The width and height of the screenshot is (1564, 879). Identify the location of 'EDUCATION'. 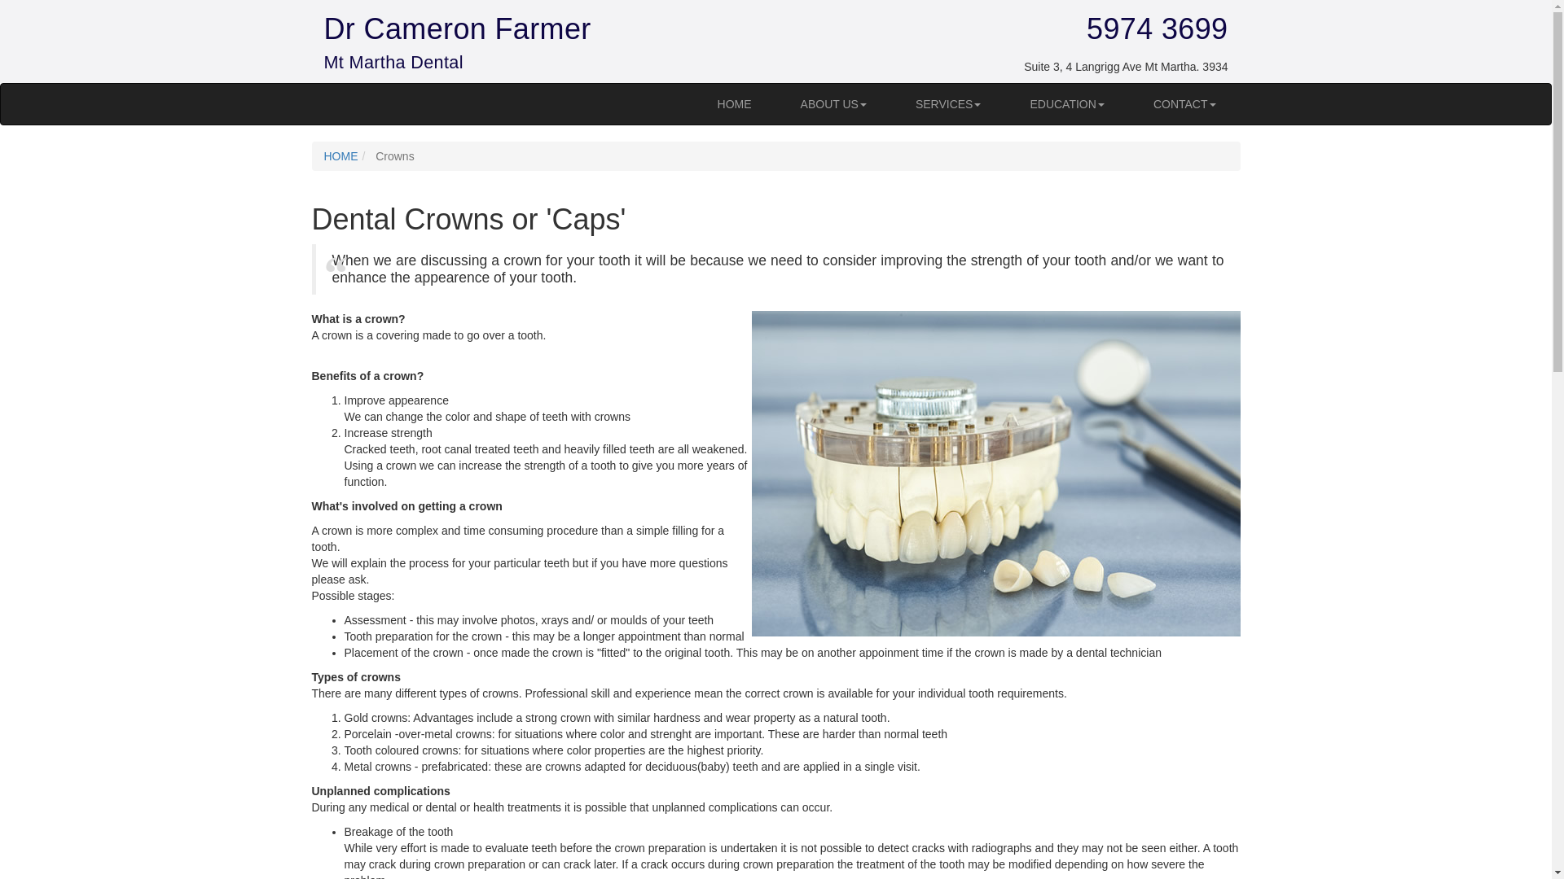
(1066, 103).